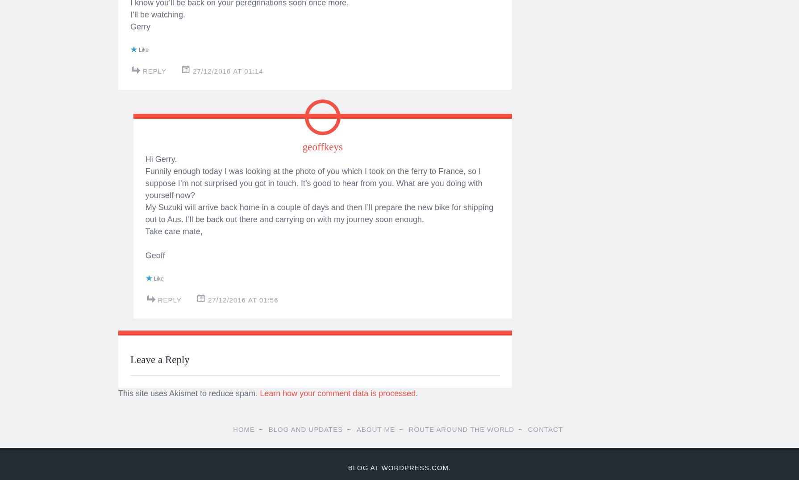  I want to click on 'Share this:', so click(130, 21).